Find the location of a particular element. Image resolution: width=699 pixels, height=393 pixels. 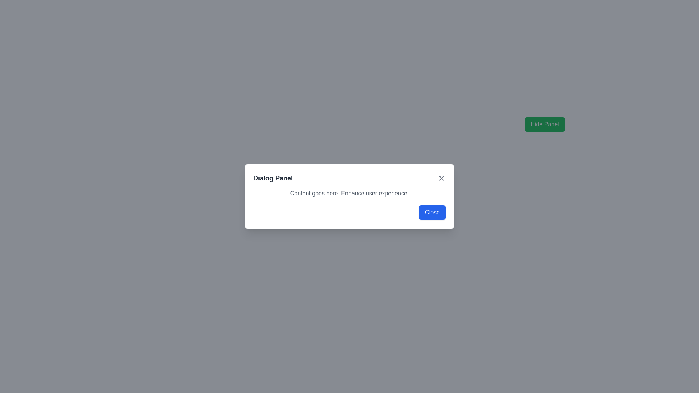

the small 'X' icon in the top-right corner of the dialog panel is located at coordinates (441, 178).